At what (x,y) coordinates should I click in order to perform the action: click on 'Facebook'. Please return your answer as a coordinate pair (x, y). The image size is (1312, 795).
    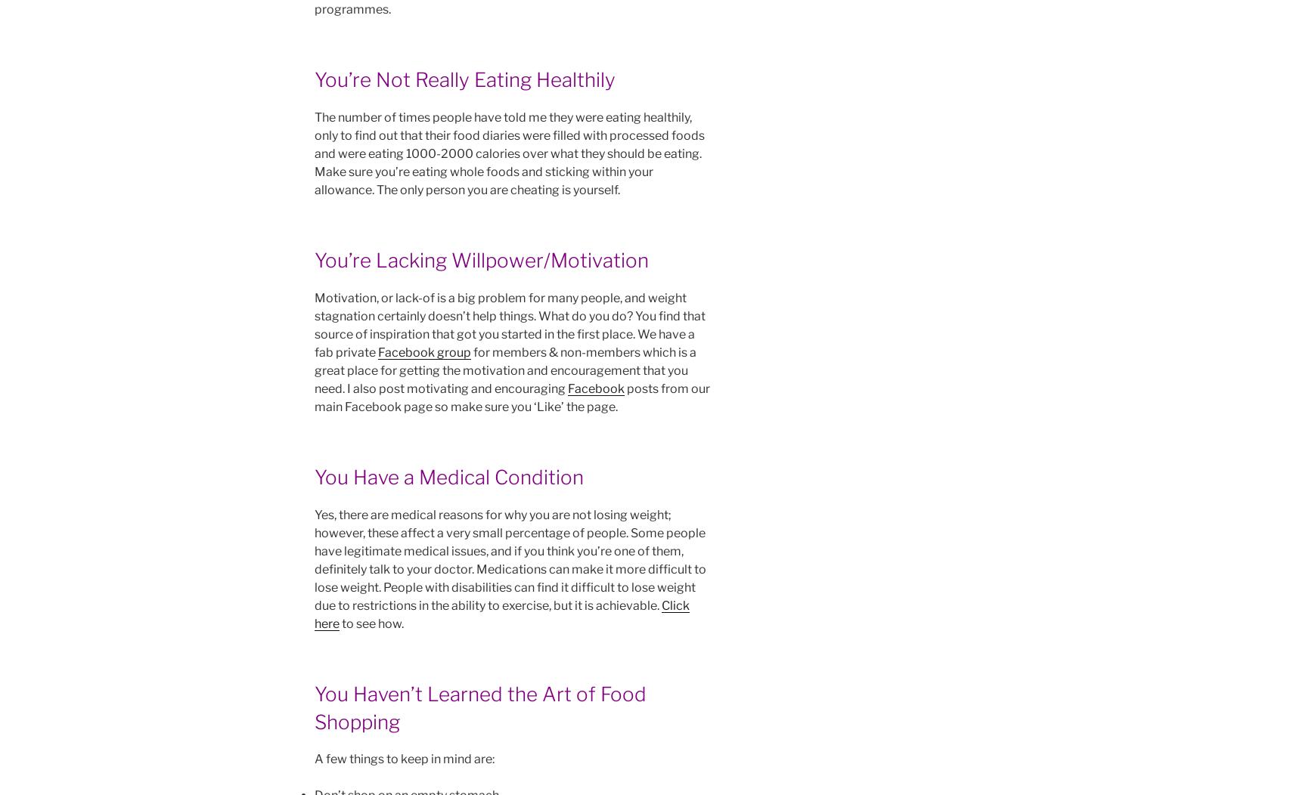
    Looking at the image, I should click on (595, 388).